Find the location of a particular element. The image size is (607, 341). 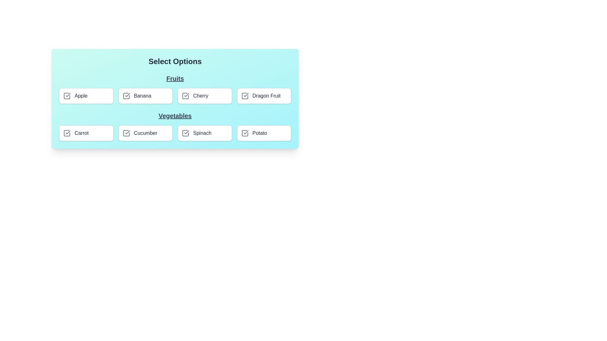

the Checkbox icon located in the top row of the selection grid under the 'Fruits' category is located at coordinates (67, 96).